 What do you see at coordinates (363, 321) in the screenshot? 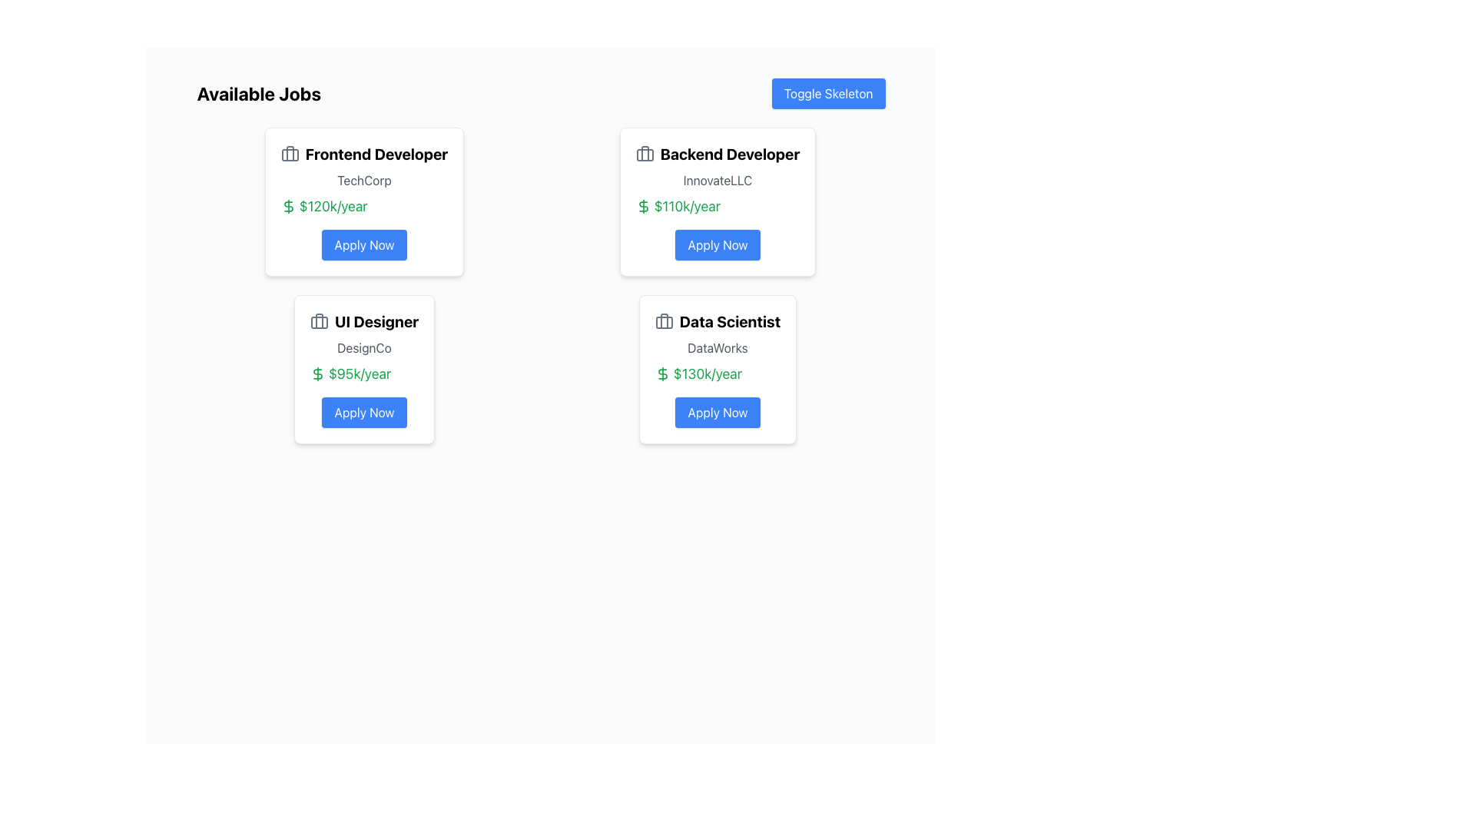
I see `the text label displaying the job title 'UI Designer' which is located in the second card of the job listings grid, specifically in the first row of the bottom row of cards` at bounding box center [363, 321].